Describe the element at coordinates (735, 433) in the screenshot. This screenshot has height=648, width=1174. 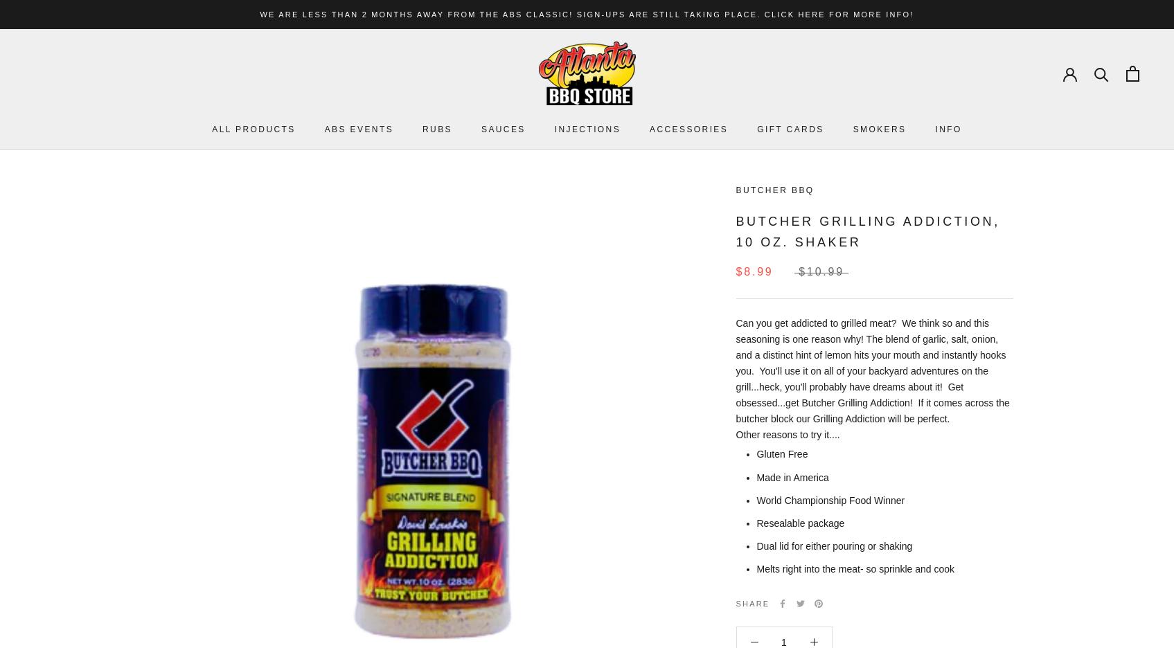
I see `'Other reasons to try it....'` at that location.